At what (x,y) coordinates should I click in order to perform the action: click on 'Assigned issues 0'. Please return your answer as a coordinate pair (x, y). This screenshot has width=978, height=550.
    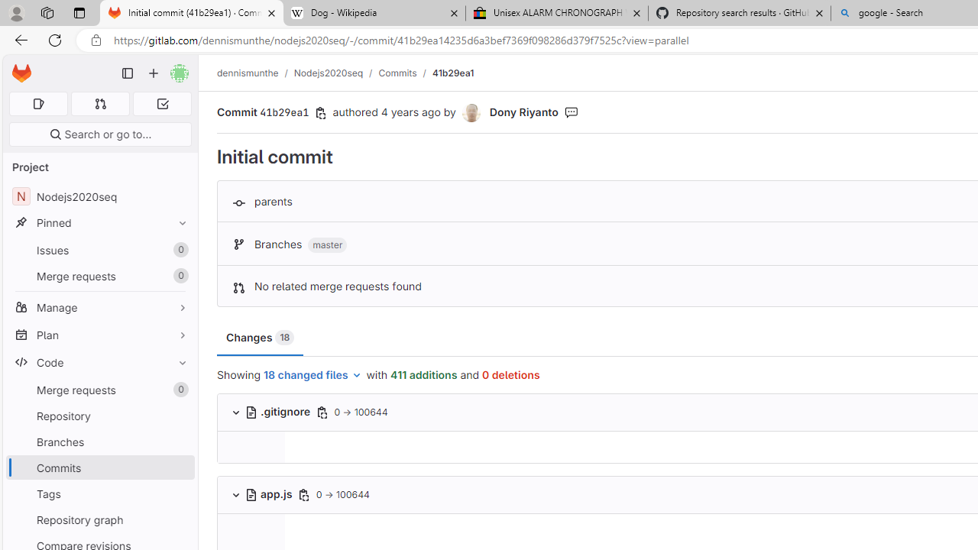
    Looking at the image, I should click on (38, 103).